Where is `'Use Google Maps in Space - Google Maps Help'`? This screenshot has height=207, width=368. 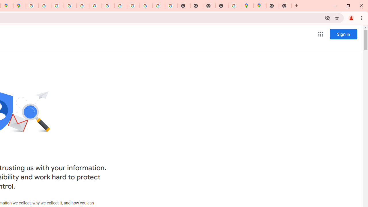
'Use Google Maps in Space - Google Maps Help' is located at coordinates (235, 6).